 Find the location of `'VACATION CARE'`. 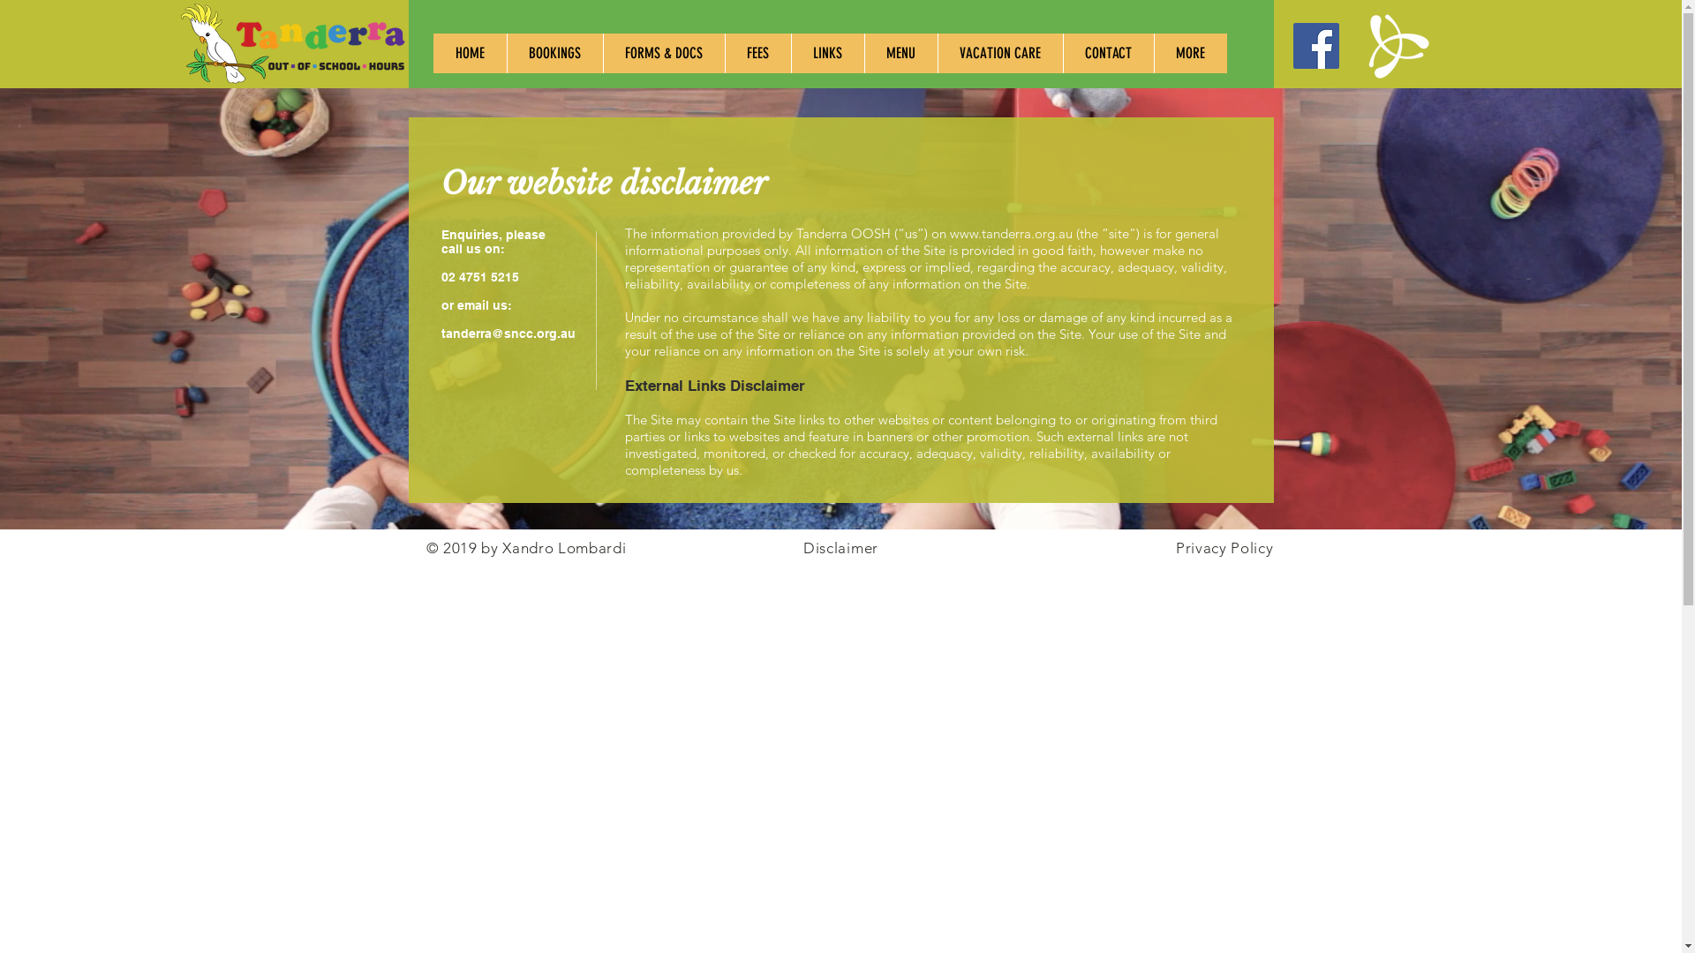

'VACATION CARE' is located at coordinates (999, 52).